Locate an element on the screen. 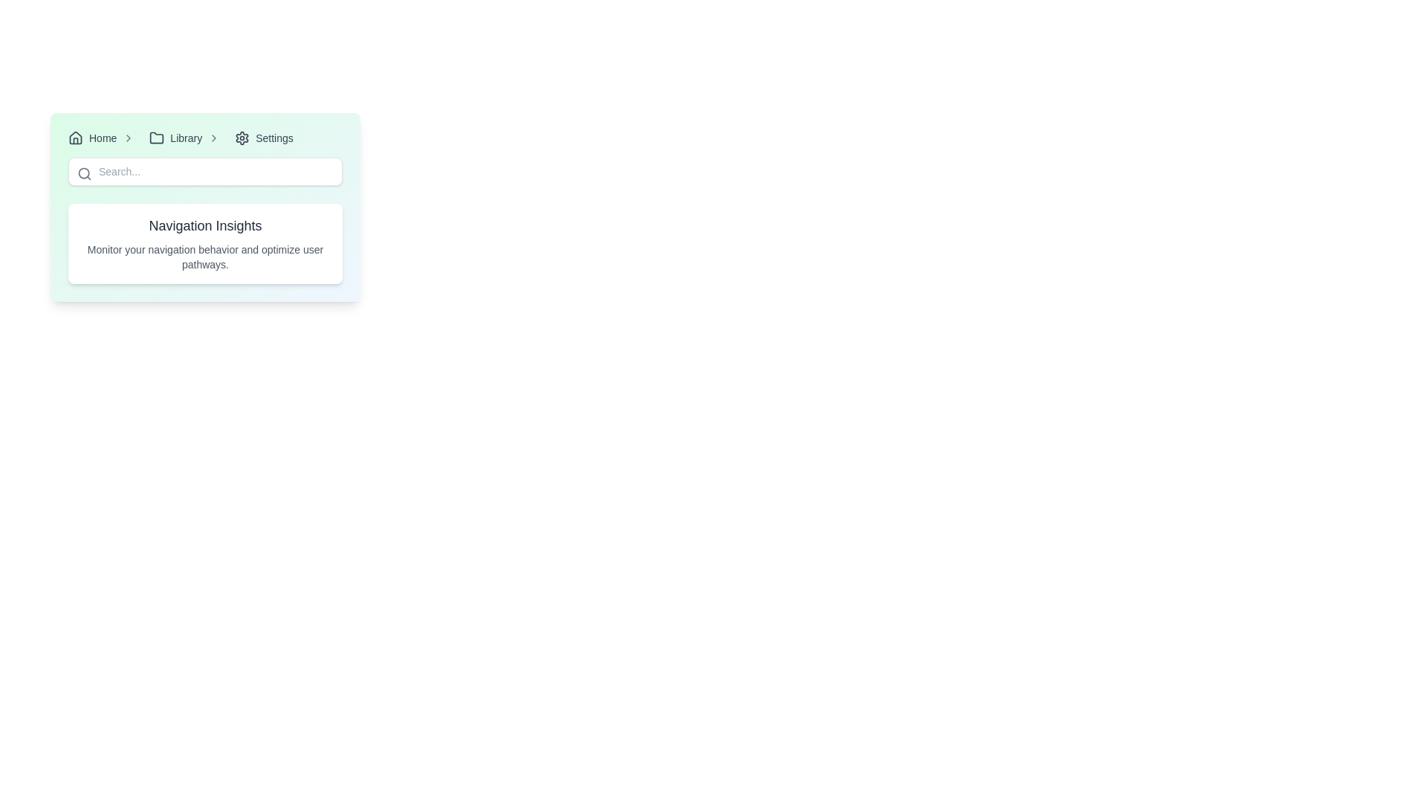 This screenshot has height=803, width=1427. the settings icon, represented as an outlined gear, located beside the 'Settings' label in the navigation breadcrumb at the top of the UI is located at coordinates (242, 138).